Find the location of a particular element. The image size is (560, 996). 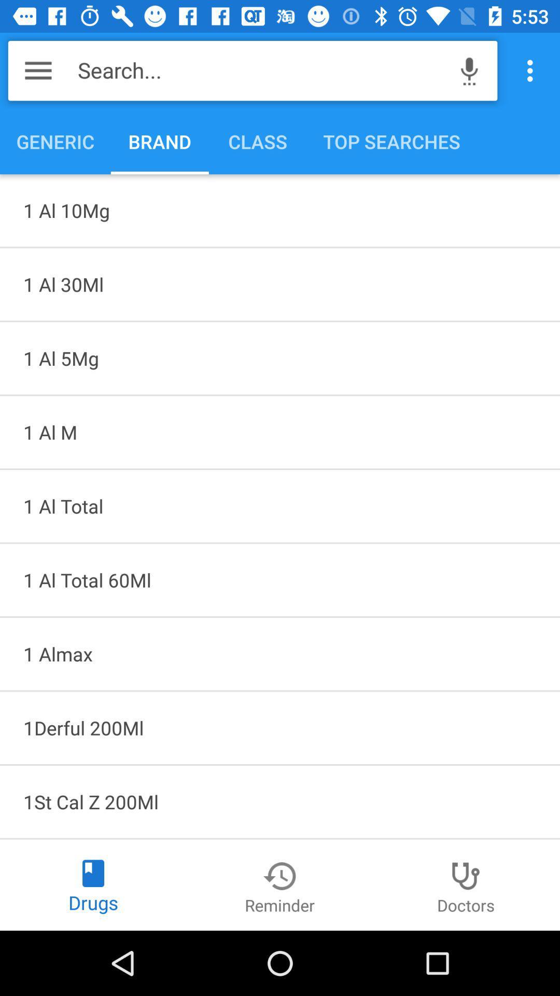

item above 1 al 10mg icon is located at coordinates (533, 70).